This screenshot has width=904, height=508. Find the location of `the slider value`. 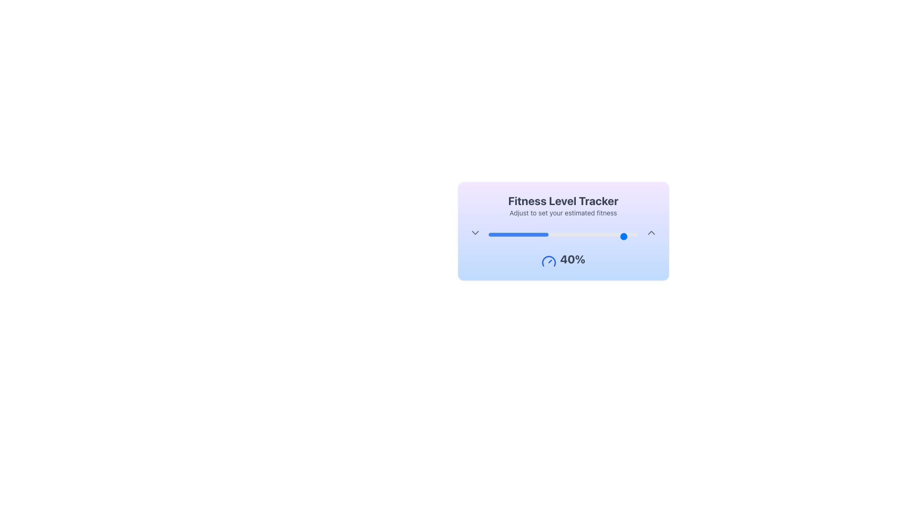

the slider value is located at coordinates (614, 232).